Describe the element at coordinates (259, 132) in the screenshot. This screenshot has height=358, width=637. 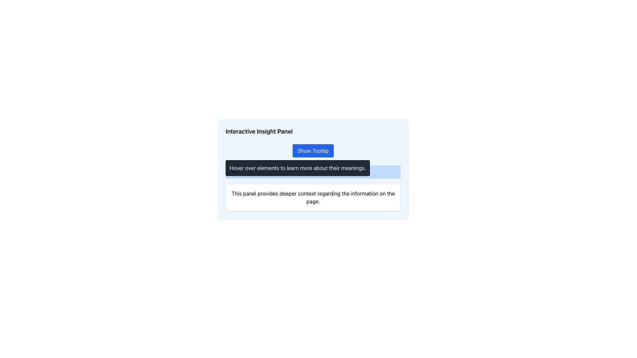
I see `the text label displaying 'Interactive Insight Panel' styled in bold and larger font size, located on a light blue background` at that location.